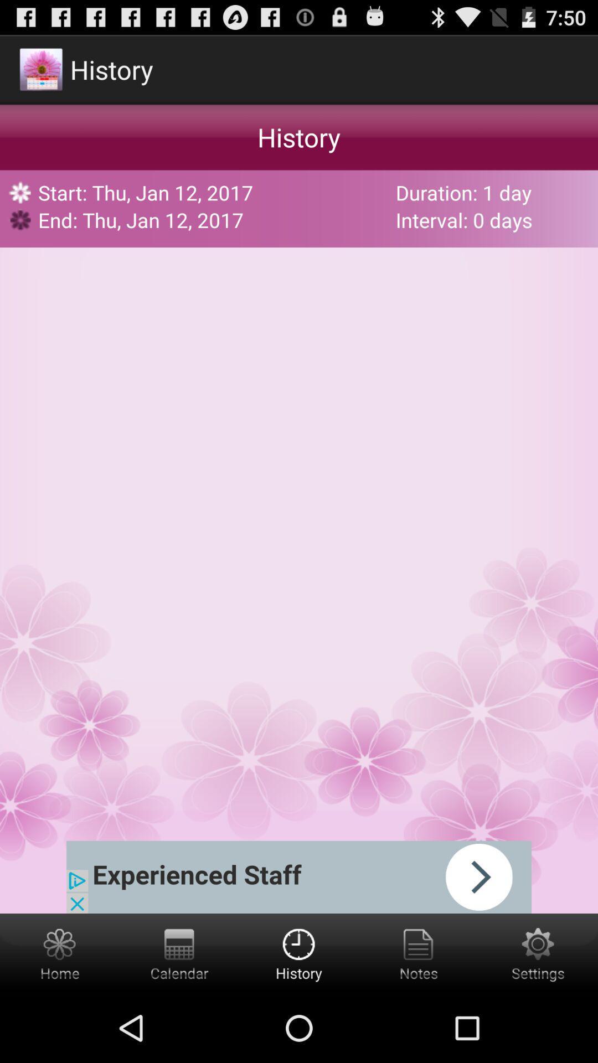  Describe the element at coordinates (538, 953) in the screenshot. I see `settings` at that location.